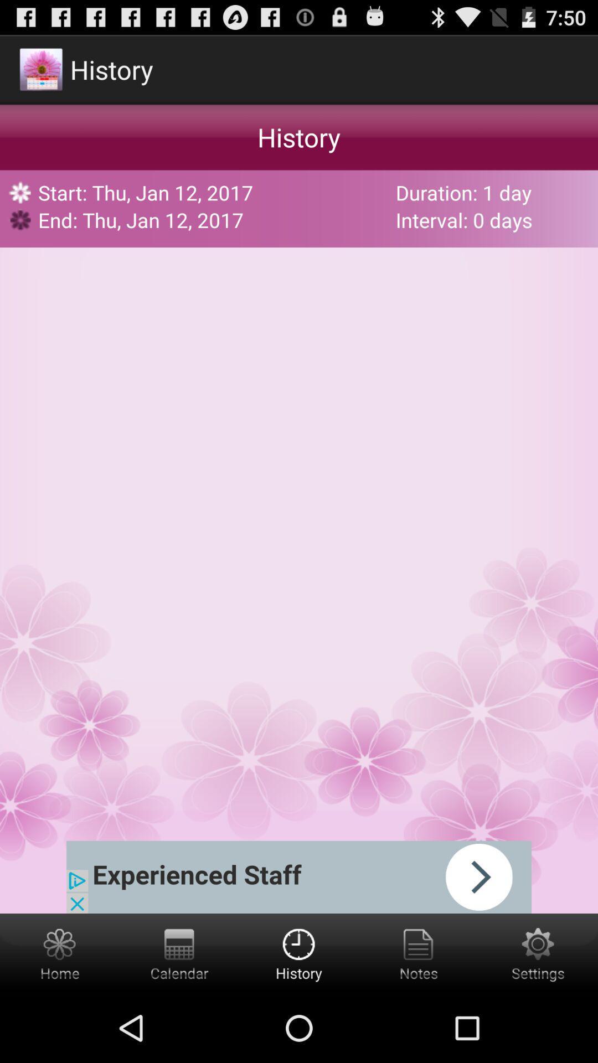  Describe the element at coordinates (538, 953) in the screenshot. I see `settings` at that location.